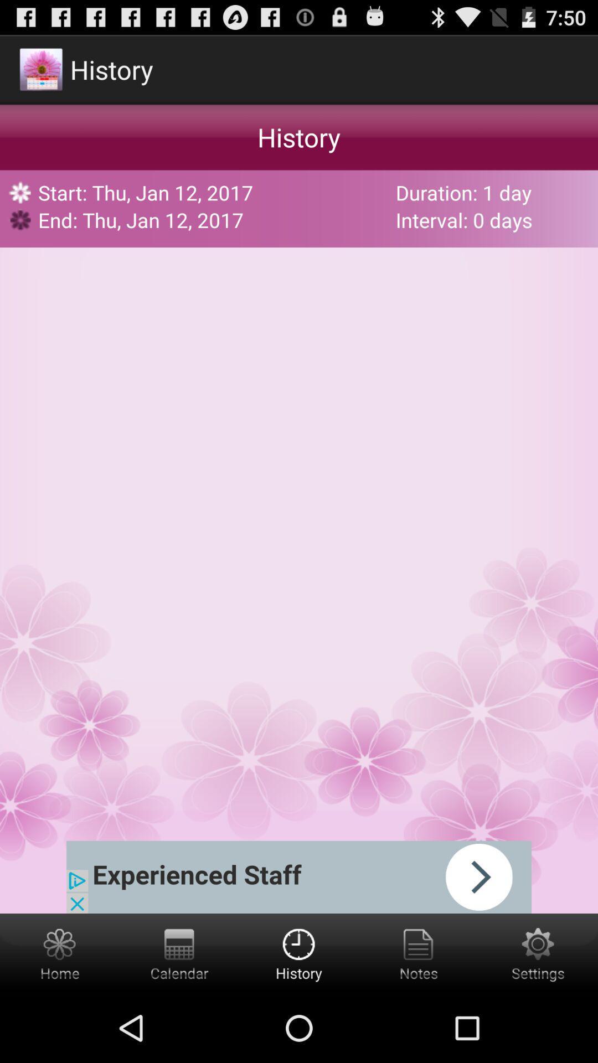  Describe the element at coordinates (538, 953) in the screenshot. I see `settings` at that location.